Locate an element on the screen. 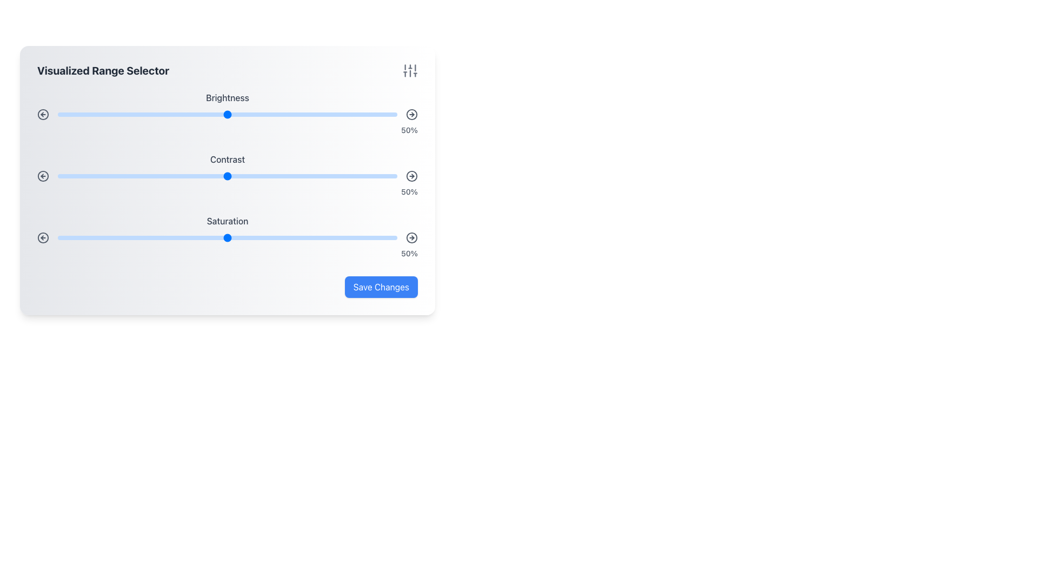 This screenshot has height=584, width=1038. the slider value is located at coordinates (214, 237).